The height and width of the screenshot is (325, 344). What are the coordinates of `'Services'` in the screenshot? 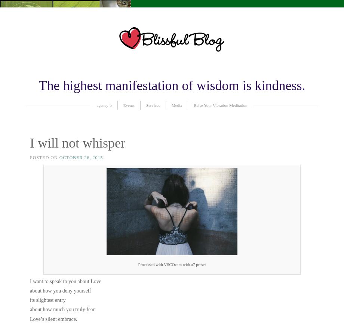 It's located at (153, 105).